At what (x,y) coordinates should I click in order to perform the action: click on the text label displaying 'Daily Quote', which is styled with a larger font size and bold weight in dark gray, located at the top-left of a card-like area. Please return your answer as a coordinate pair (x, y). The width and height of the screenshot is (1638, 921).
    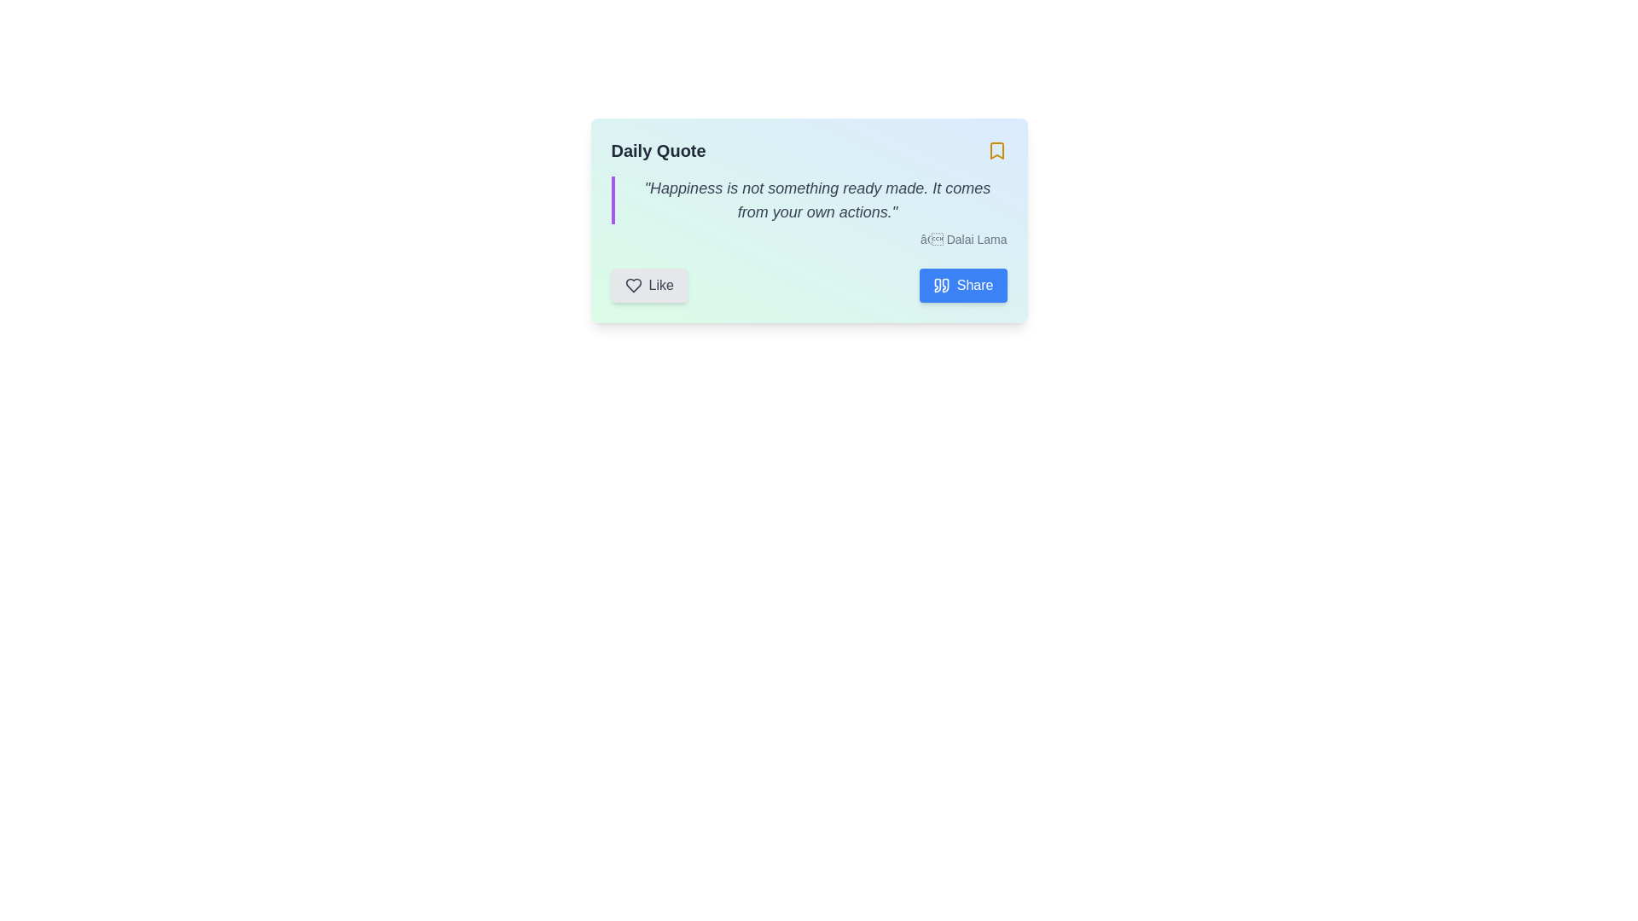
    Looking at the image, I should click on (658, 150).